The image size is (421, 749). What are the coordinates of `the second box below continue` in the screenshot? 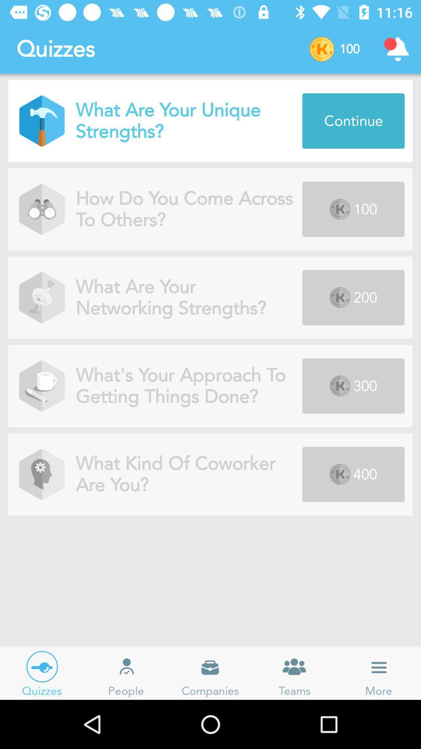 It's located at (353, 297).